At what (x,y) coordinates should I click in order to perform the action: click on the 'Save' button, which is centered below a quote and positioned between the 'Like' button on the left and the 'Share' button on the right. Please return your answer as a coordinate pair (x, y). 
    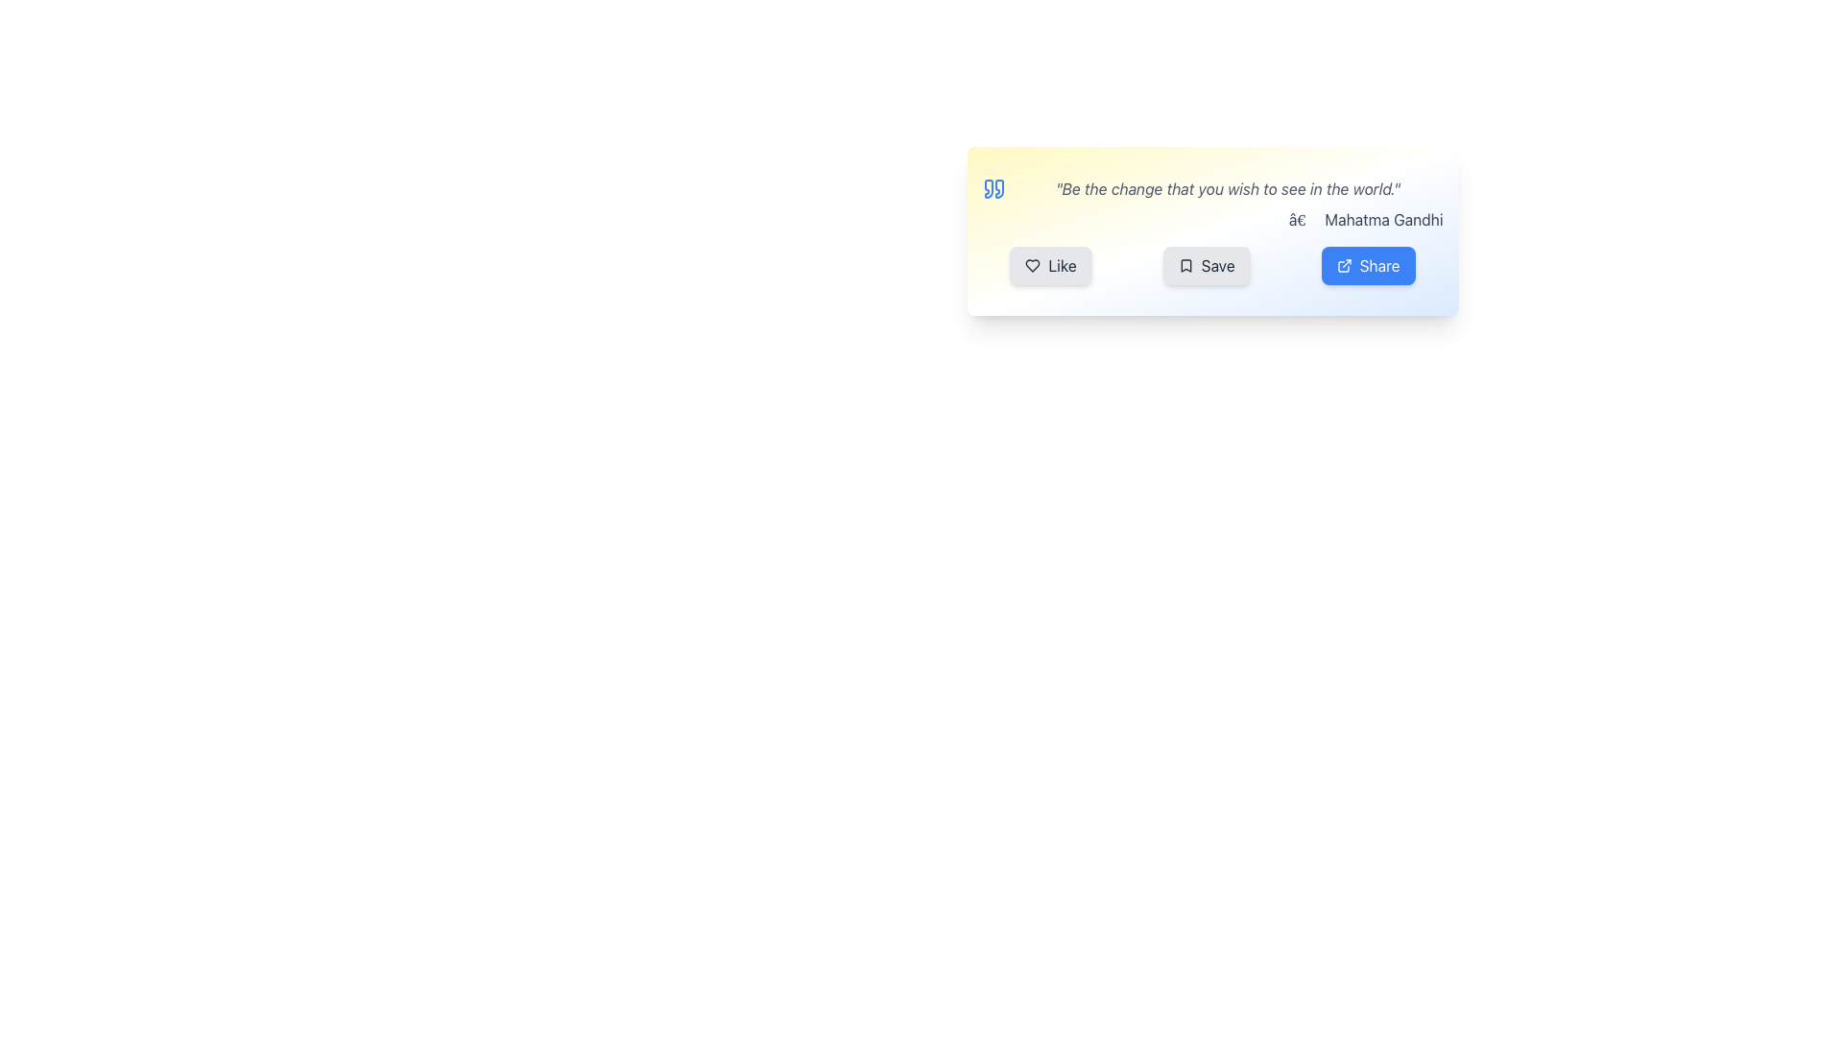
    Looking at the image, I should click on (1206, 266).